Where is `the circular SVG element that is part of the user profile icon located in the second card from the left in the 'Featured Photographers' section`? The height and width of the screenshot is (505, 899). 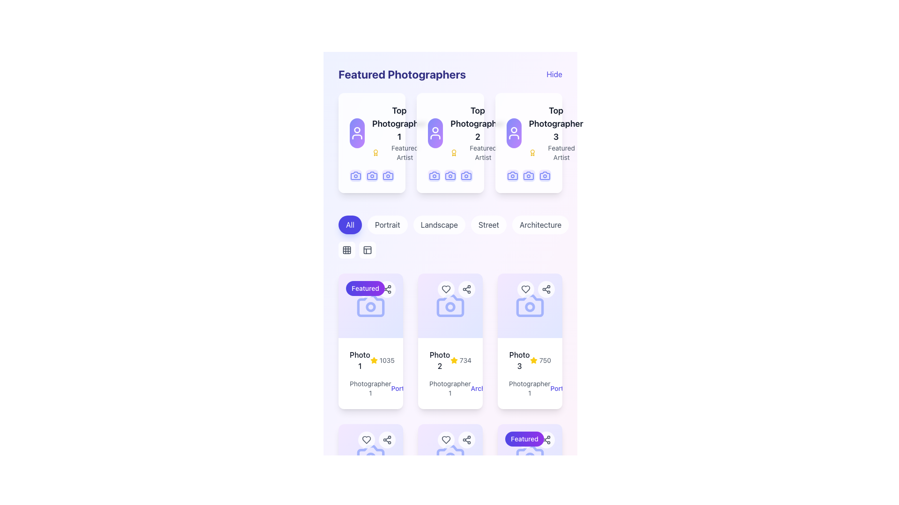
the circular SVG element that is part of the user profile icon located in the second card from the left in the 'Featured Photographers' section is located at coordinates (435, 130).